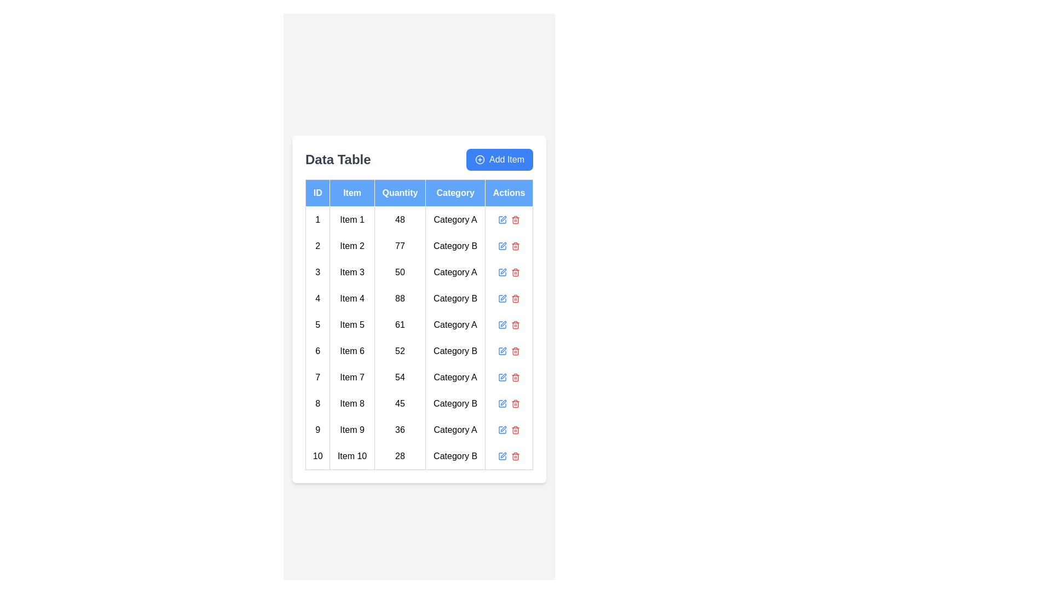  I want to click on the non-interactive table cell displaying the quantity for 'Item 6' in the sixth row and third column of the table, so click(399, 351).